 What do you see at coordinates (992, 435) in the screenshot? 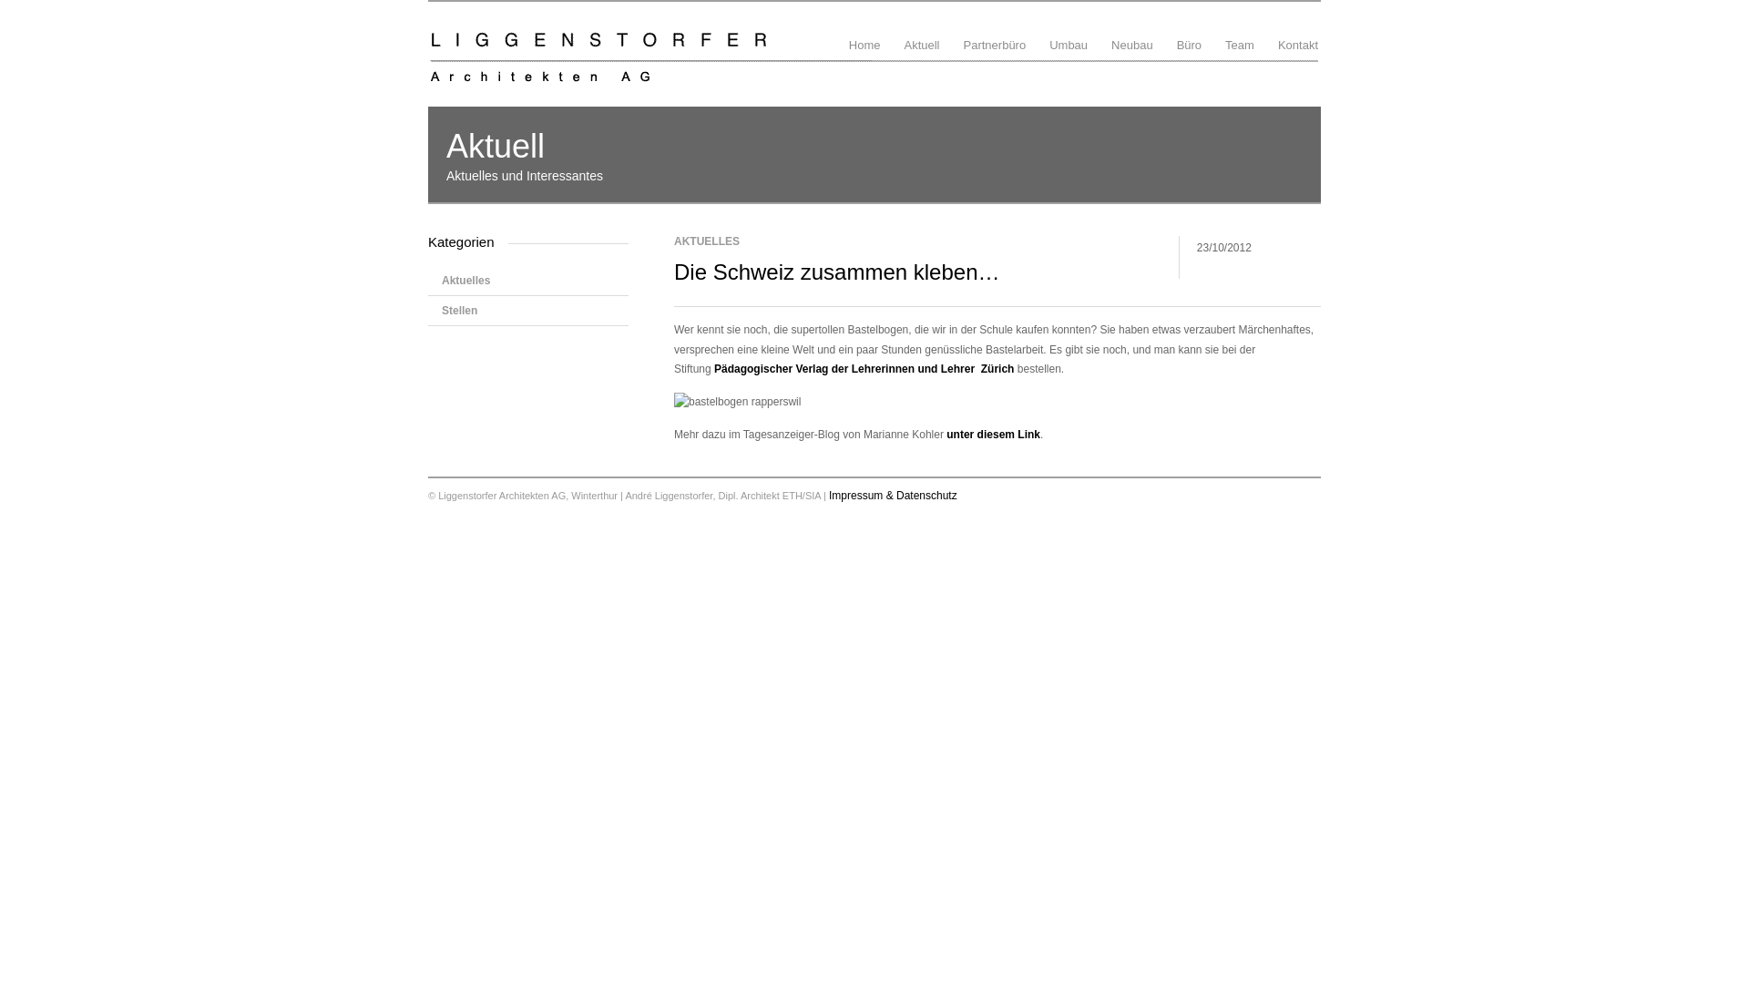
I see `'unter diesem Link'` at bounding box center [992, 435].